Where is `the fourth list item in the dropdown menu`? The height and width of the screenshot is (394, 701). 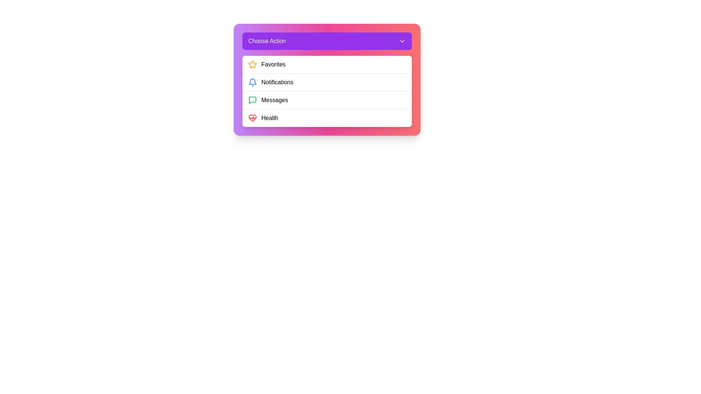
the fourth list item in the dropdown menu is located at coordinates (327, 117).